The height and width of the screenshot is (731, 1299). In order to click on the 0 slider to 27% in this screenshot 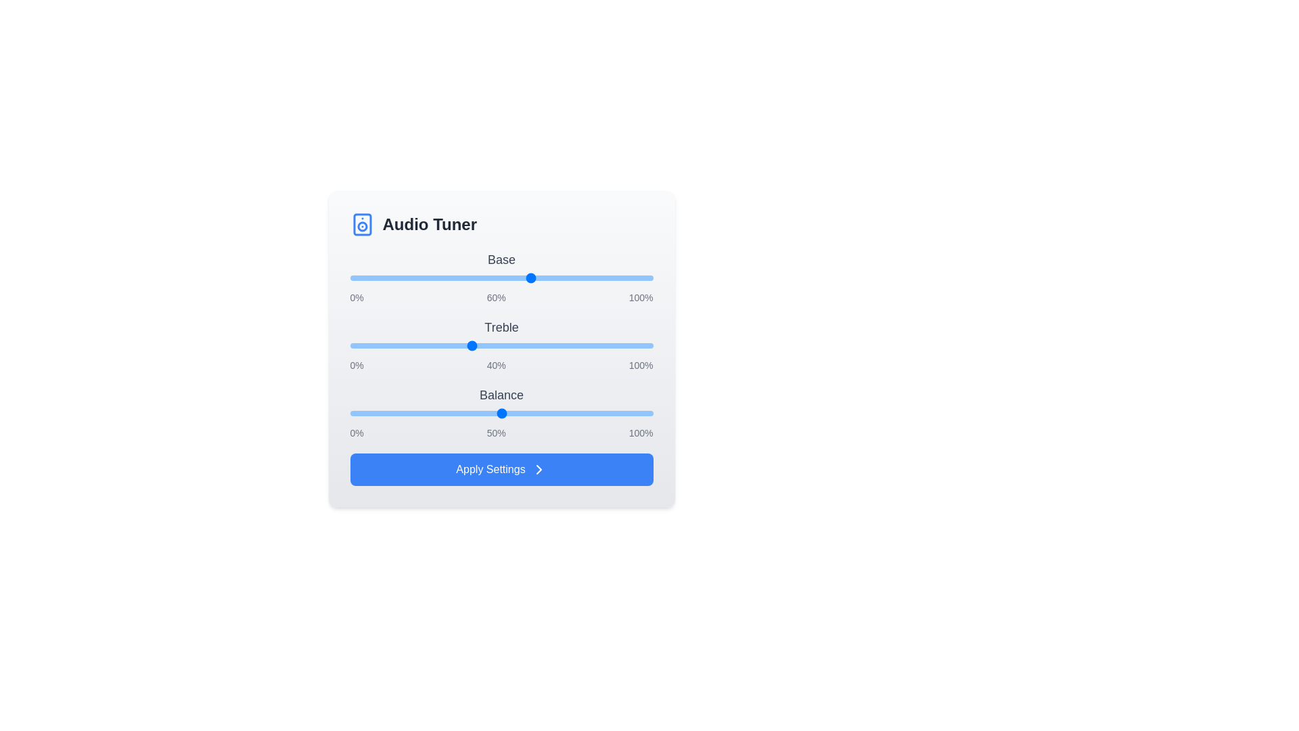, I will do `click(431, 278)`.